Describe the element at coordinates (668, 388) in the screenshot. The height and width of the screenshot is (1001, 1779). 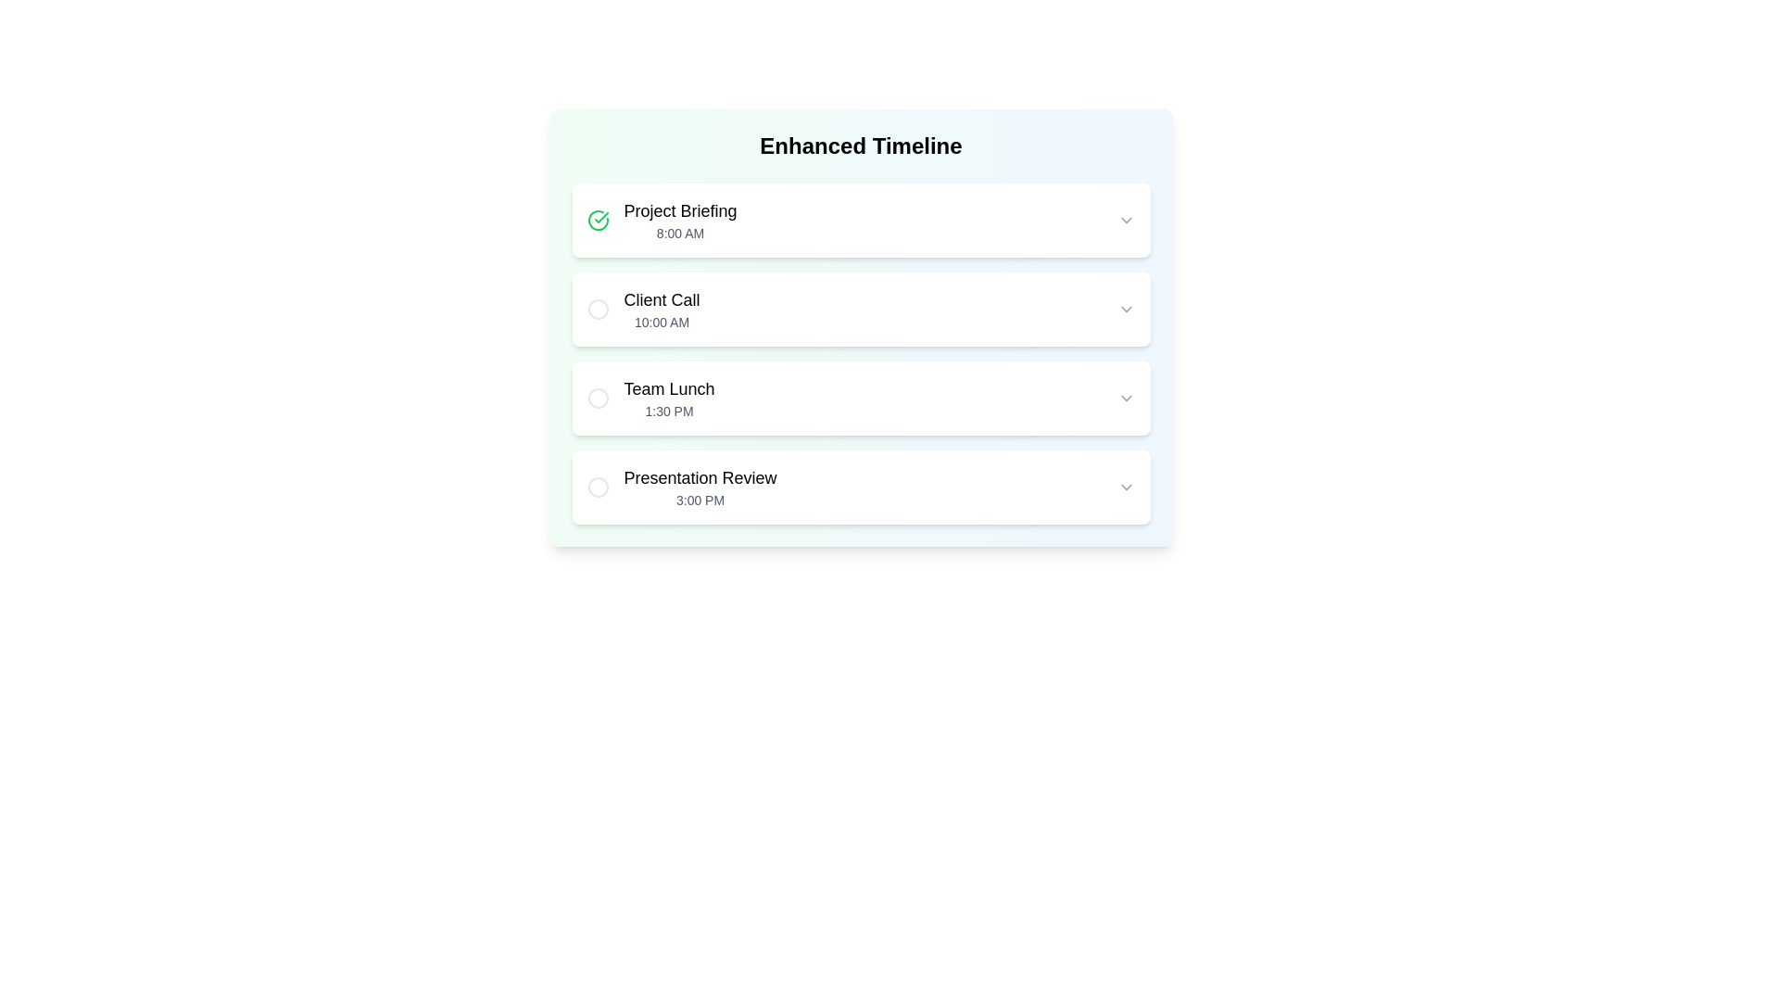
I see `text from the 'Team Lunch' label, which is displayed in a medium font size and bold styling, located on the third white card in a vertical list of cards` at that location.